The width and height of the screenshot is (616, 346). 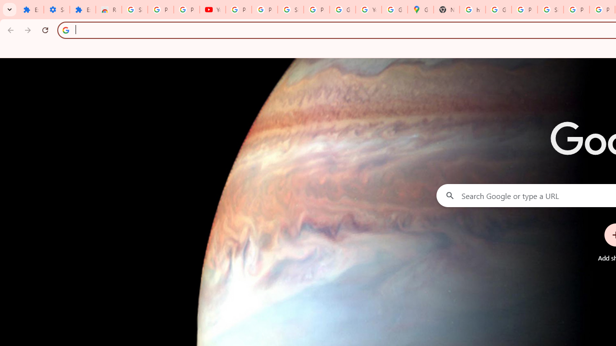 What do you see at coordinates (472, 10) in the screenshot?
I see `'https://scholar.google.com/'` at bounding box center [472, 10].